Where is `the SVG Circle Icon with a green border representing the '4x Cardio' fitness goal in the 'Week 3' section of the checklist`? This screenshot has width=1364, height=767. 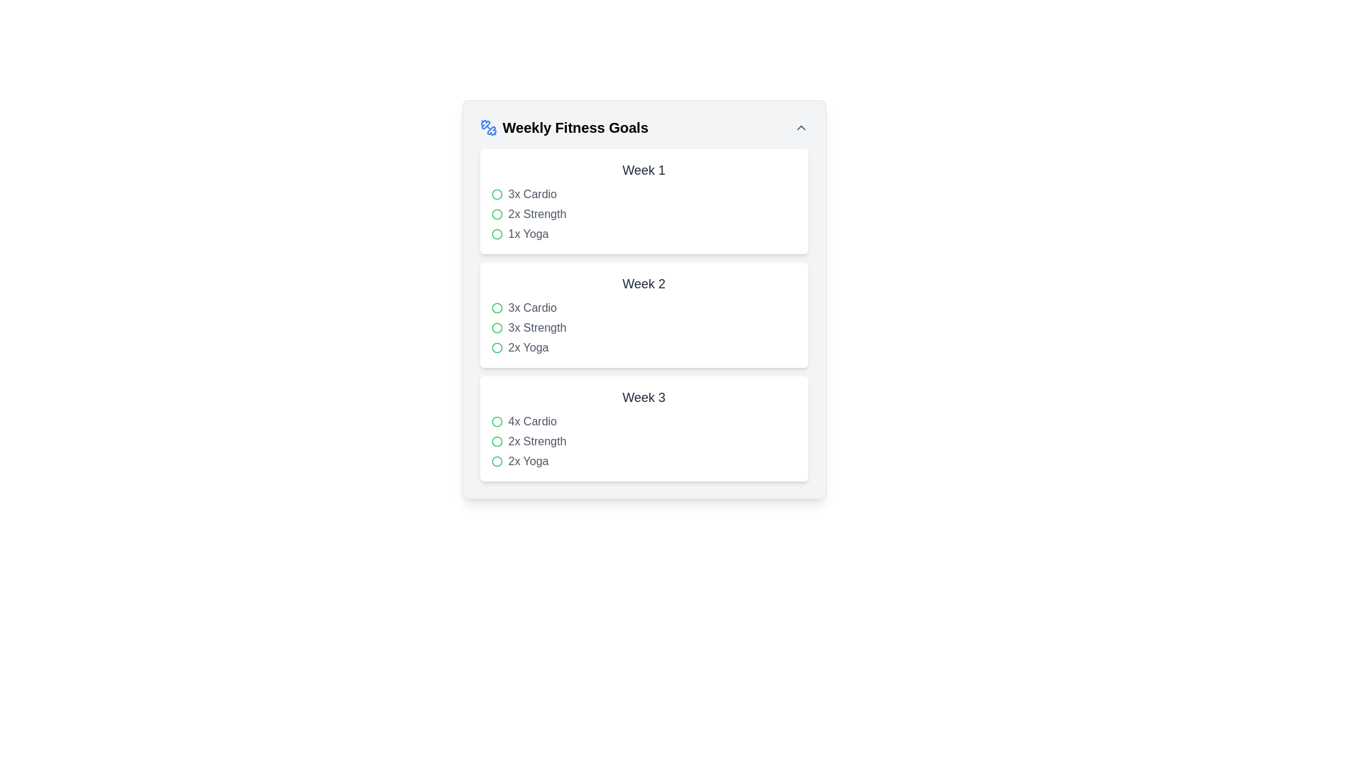 the SVG Circle Icon with a green border representing the '4x Cardio' fitness goal in the 'Week 3' section of the checklist is located at coordinates (497, 440).